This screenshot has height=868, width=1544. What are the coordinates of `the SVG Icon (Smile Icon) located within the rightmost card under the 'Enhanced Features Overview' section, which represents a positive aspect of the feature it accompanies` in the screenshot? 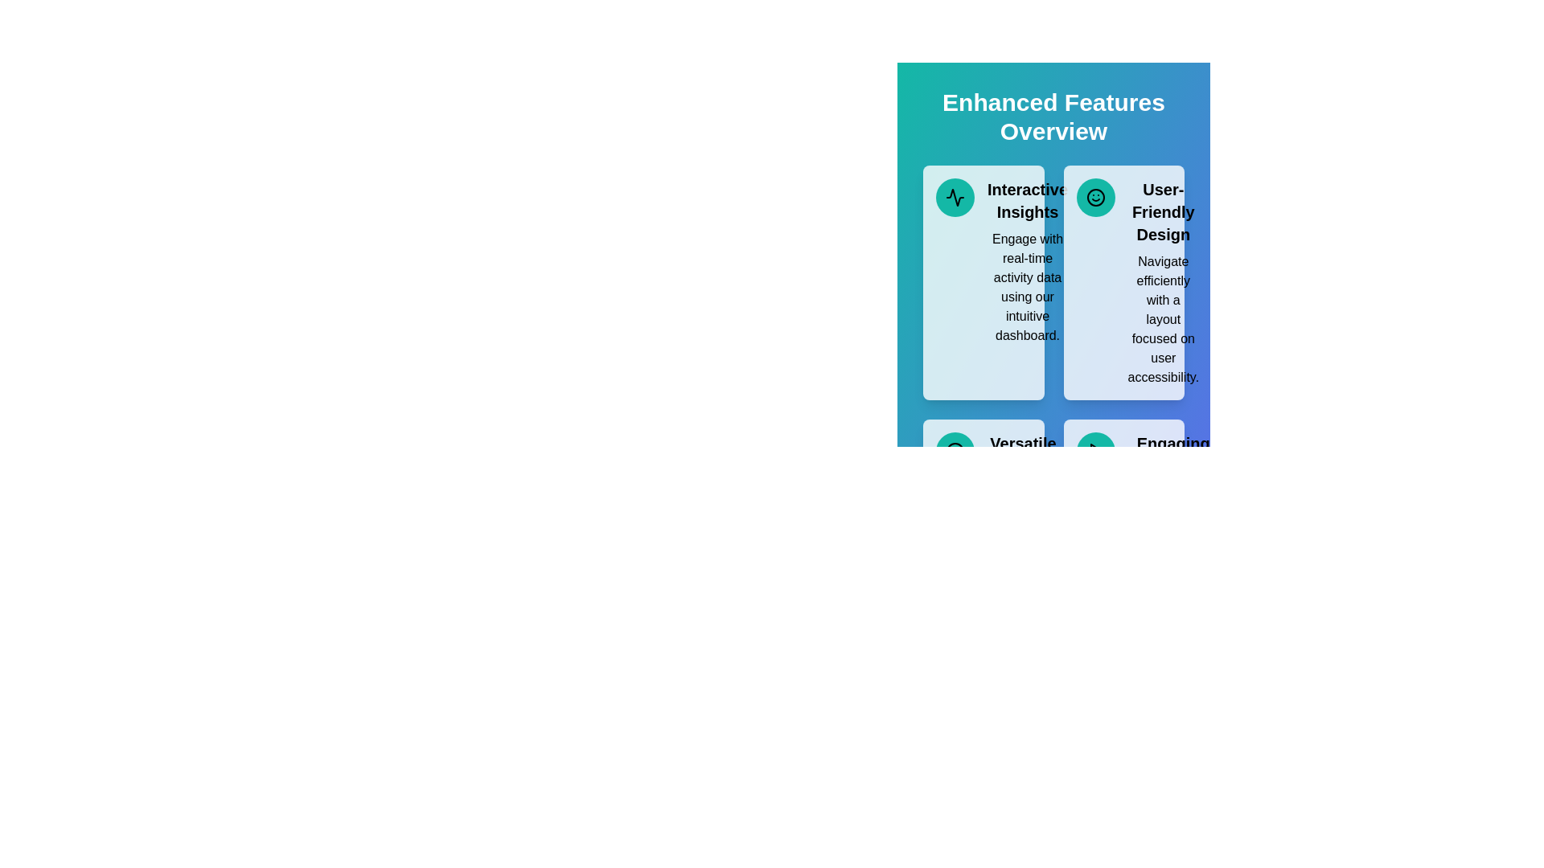 It's located at (1094, 197).